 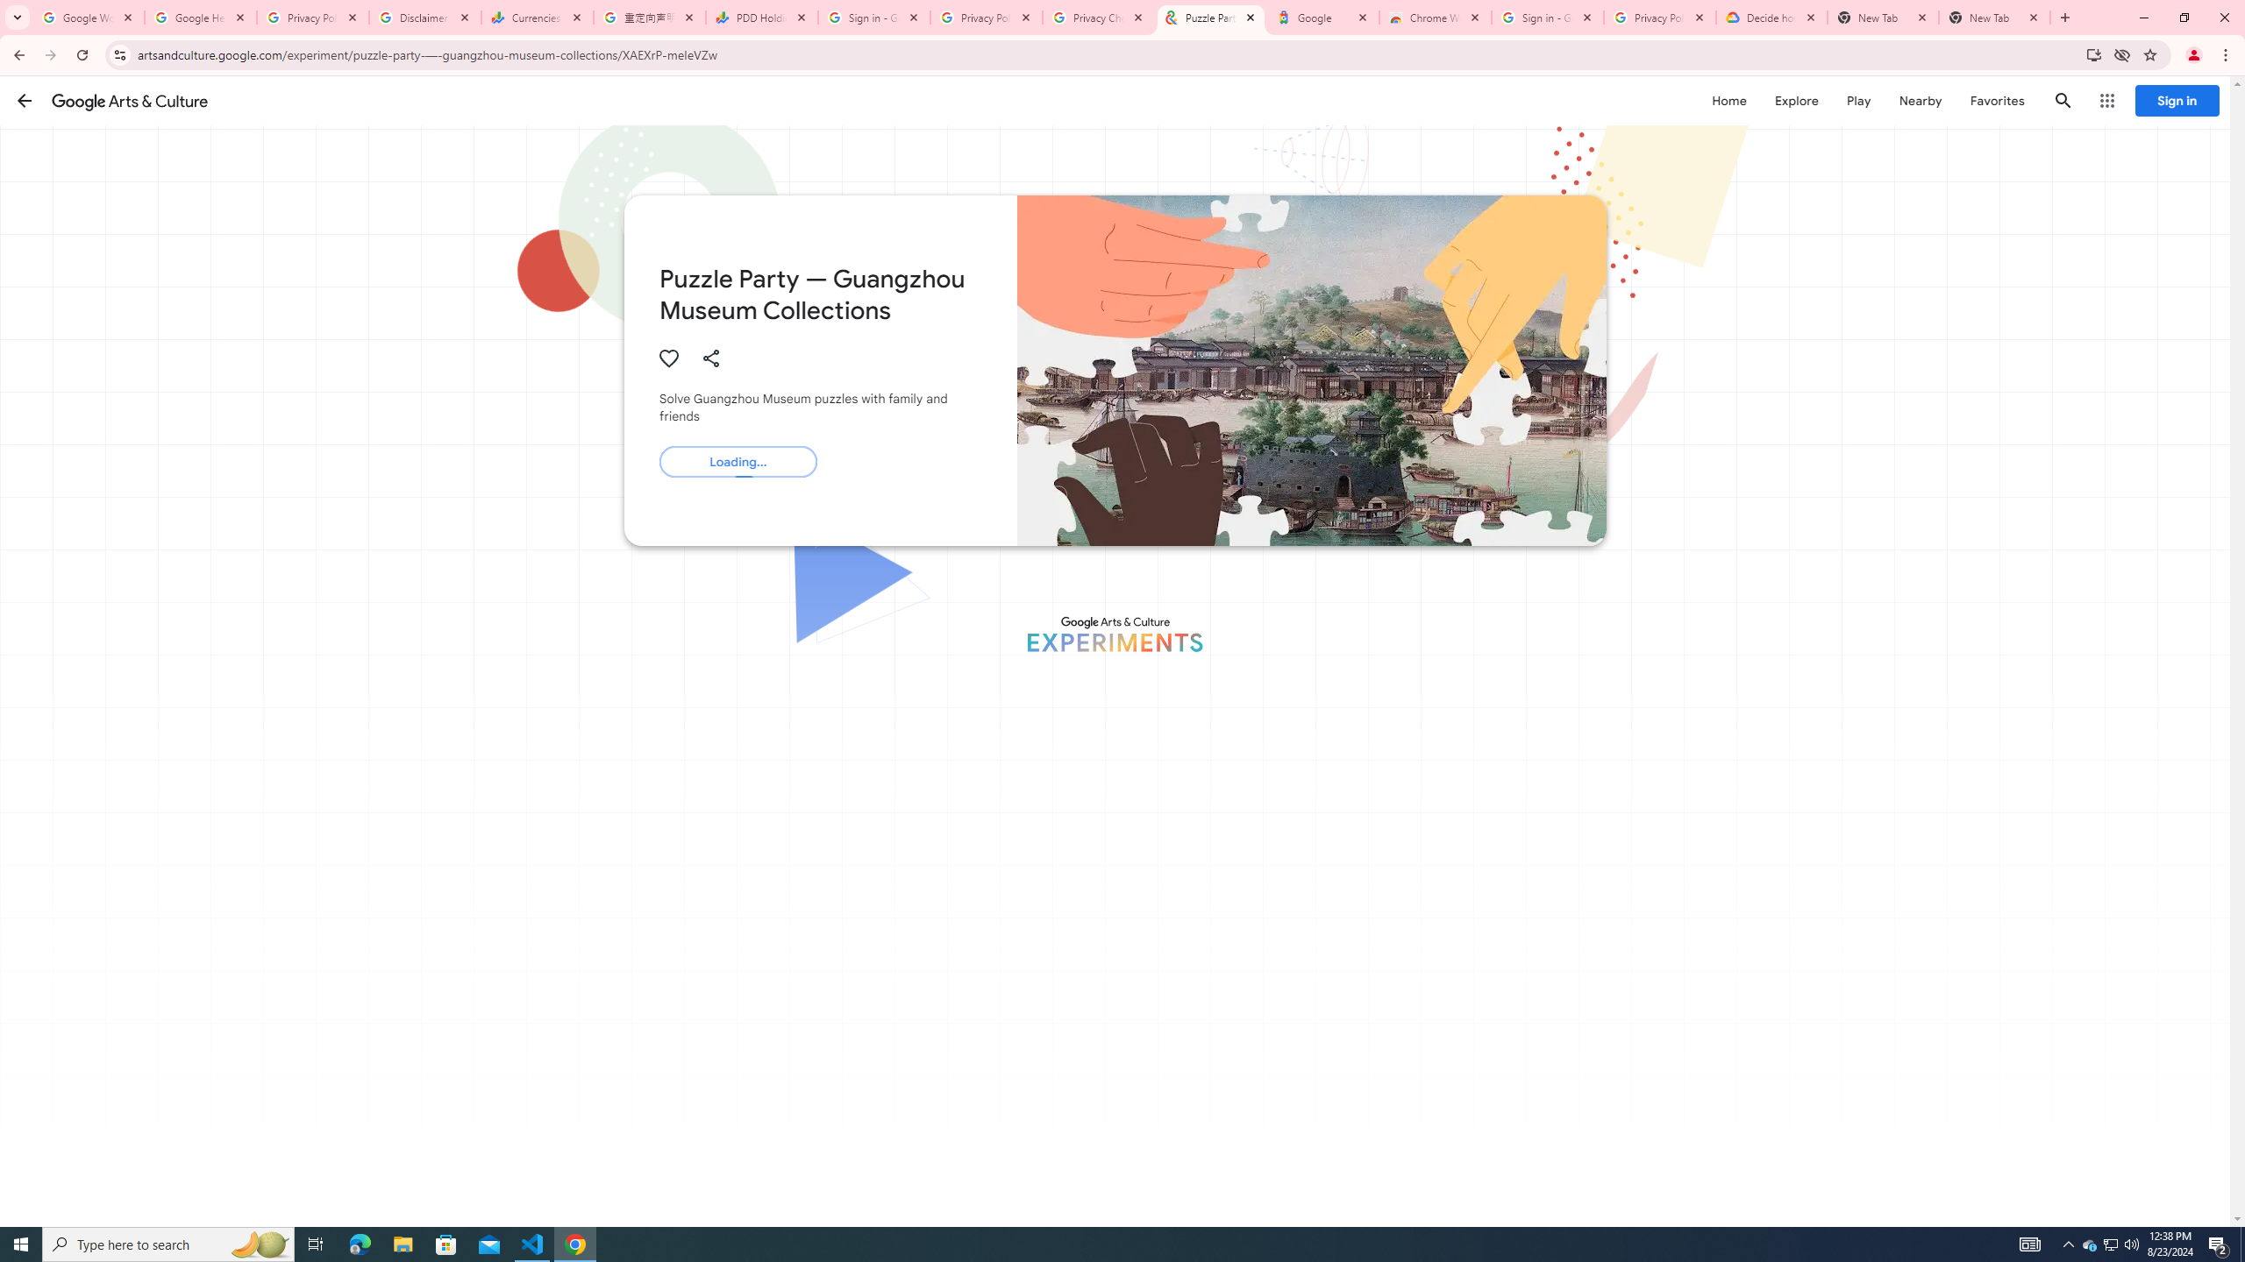 I want to click on 'Play', so click(x=1858, y=100).